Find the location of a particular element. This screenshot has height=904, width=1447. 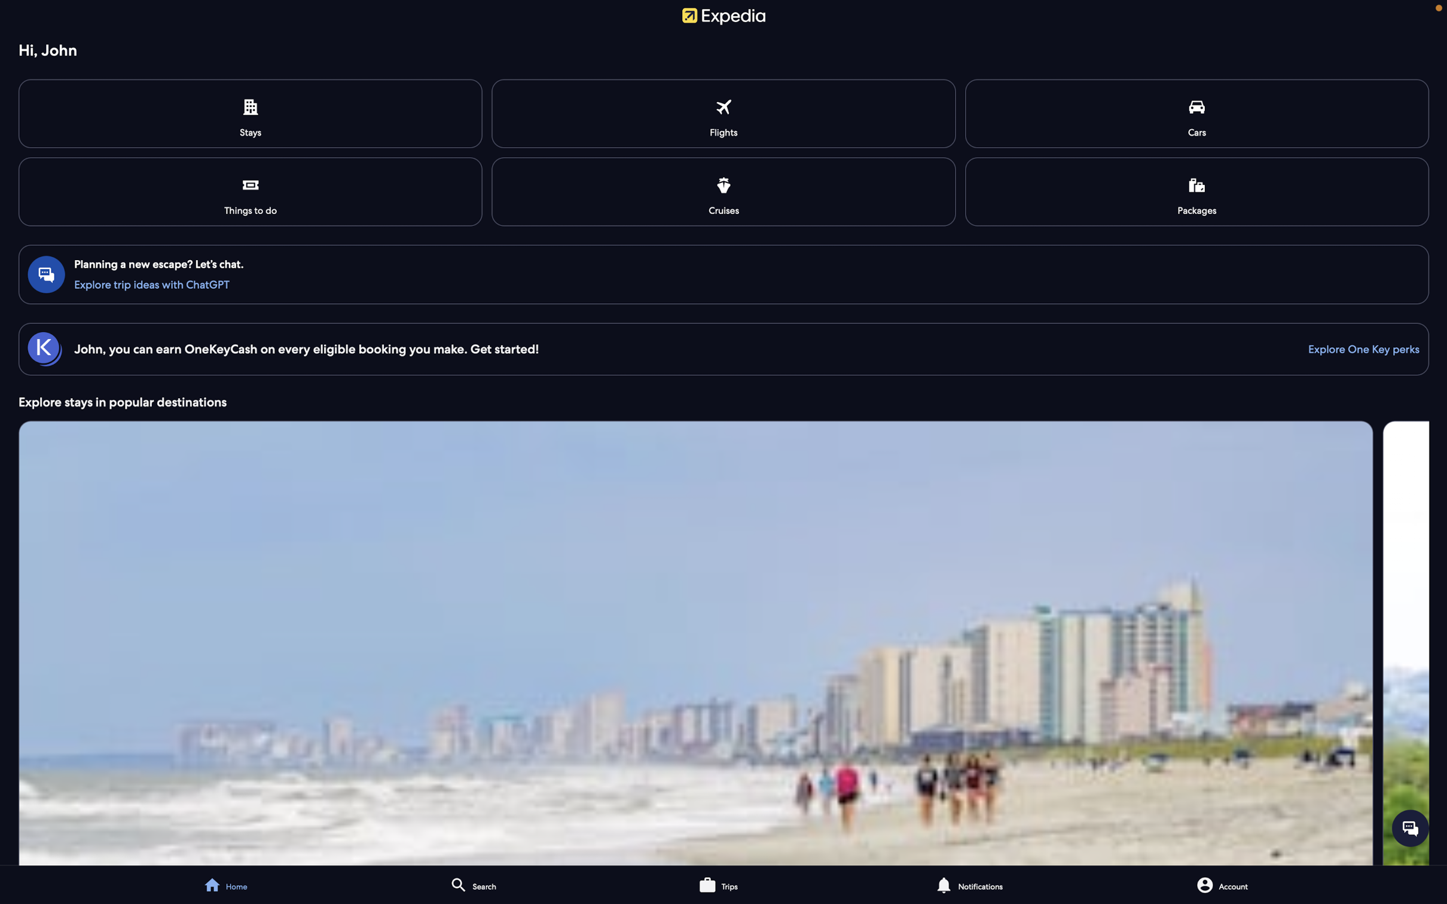

Engage the One Key Cash function is located at coordinates (1357, 348).